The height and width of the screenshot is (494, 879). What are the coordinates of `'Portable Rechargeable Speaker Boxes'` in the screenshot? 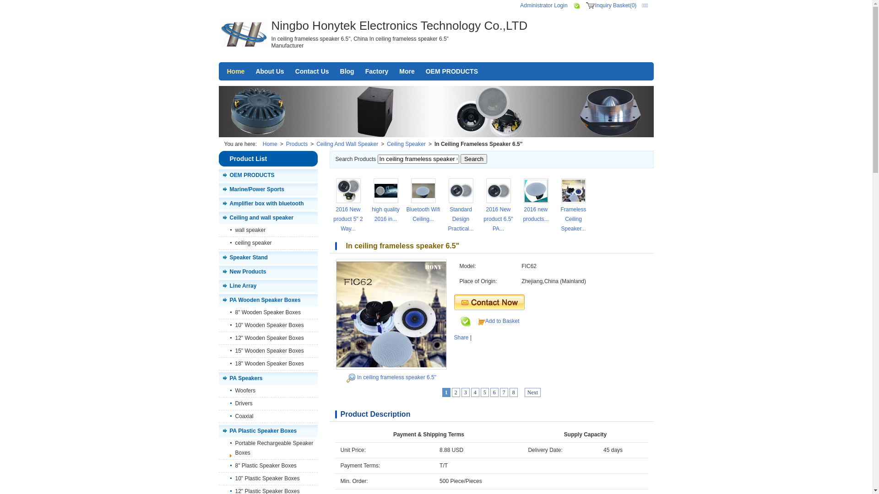 It's located at (267, 448).